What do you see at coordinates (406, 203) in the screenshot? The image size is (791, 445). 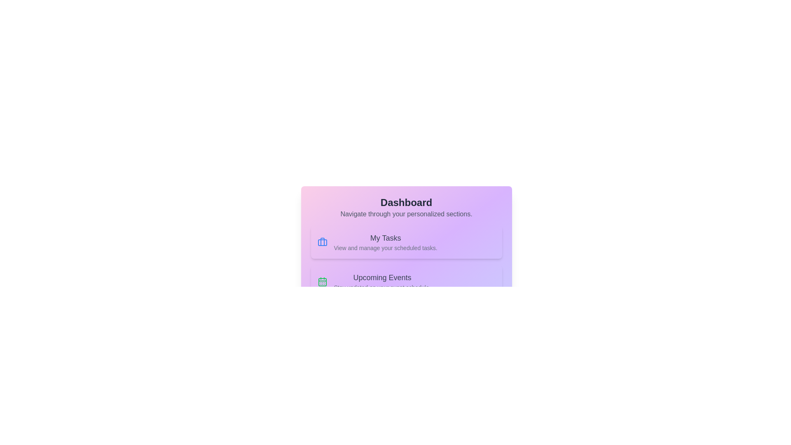 I see `the header text to inspect its content` at bounding box center [406, 203].